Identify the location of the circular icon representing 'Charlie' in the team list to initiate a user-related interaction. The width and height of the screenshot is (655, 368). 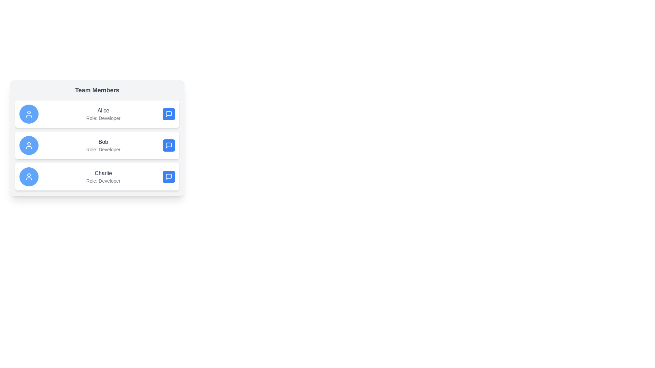
(29, 177).